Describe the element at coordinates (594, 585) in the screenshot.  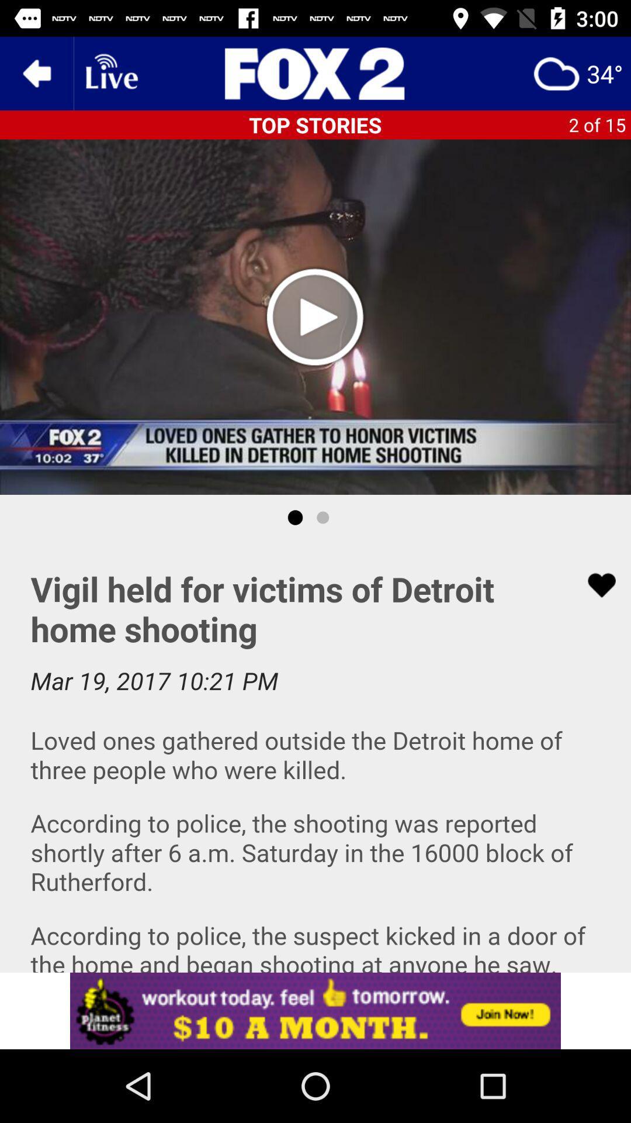
I see `like button` at that location.